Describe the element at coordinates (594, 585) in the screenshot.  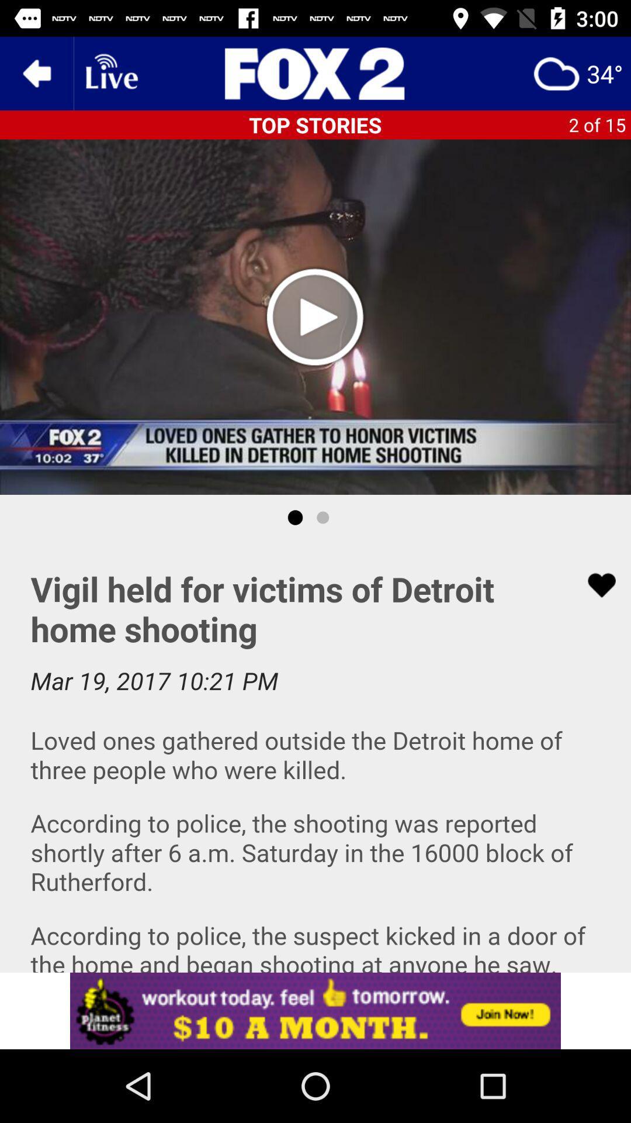
I see `like button` at that location.